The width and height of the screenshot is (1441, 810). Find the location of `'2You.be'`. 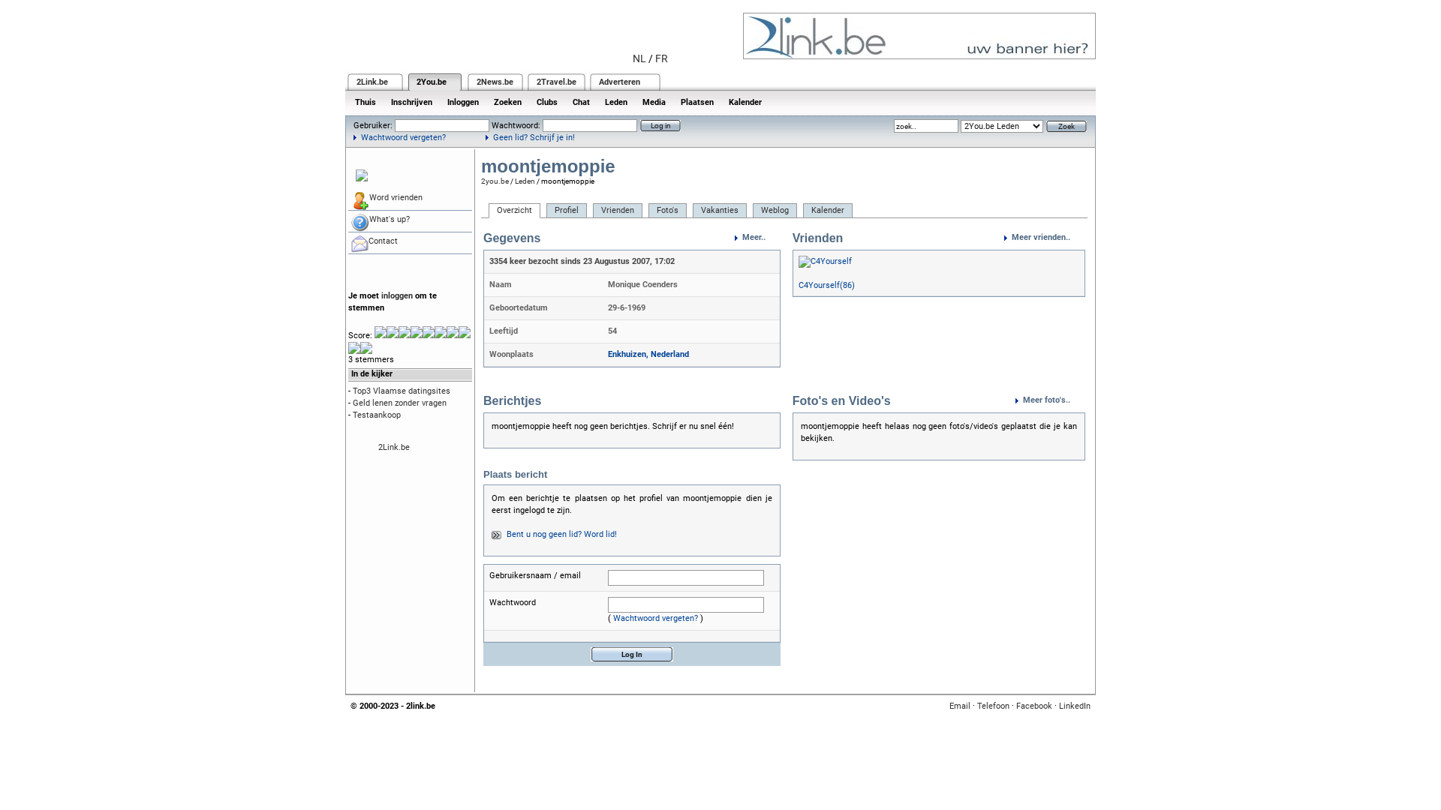

'2You.be' is located at coordinates (431, 82).